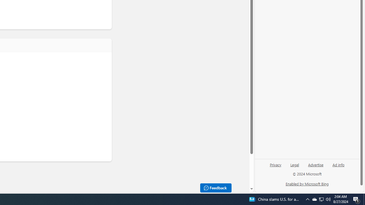  Describe the element at coordinates (275, 164) in the screenshot. I see `'Privacy'` at that location.